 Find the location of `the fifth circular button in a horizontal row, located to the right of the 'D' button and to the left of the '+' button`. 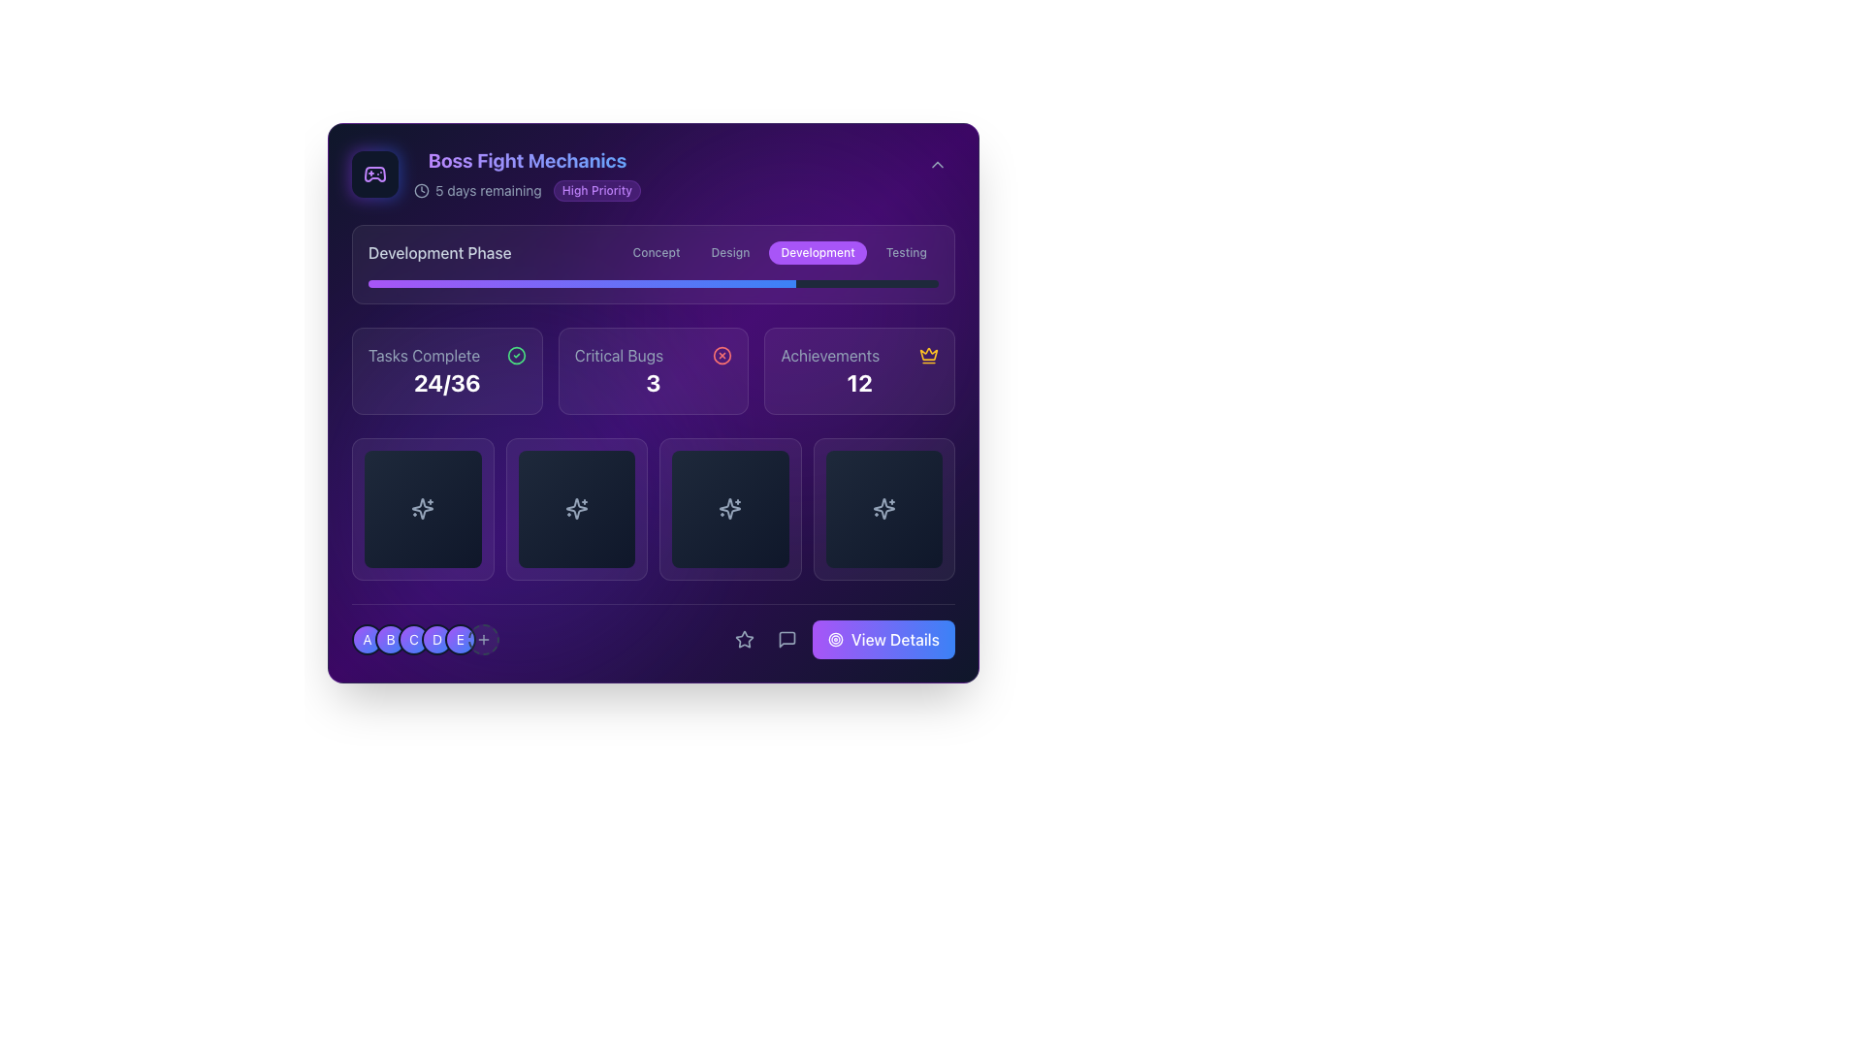

the fifth circular button in a horizontal row, located to the right of the 'D' button and to the left of the '+' button is located at coordinates (460, 639).